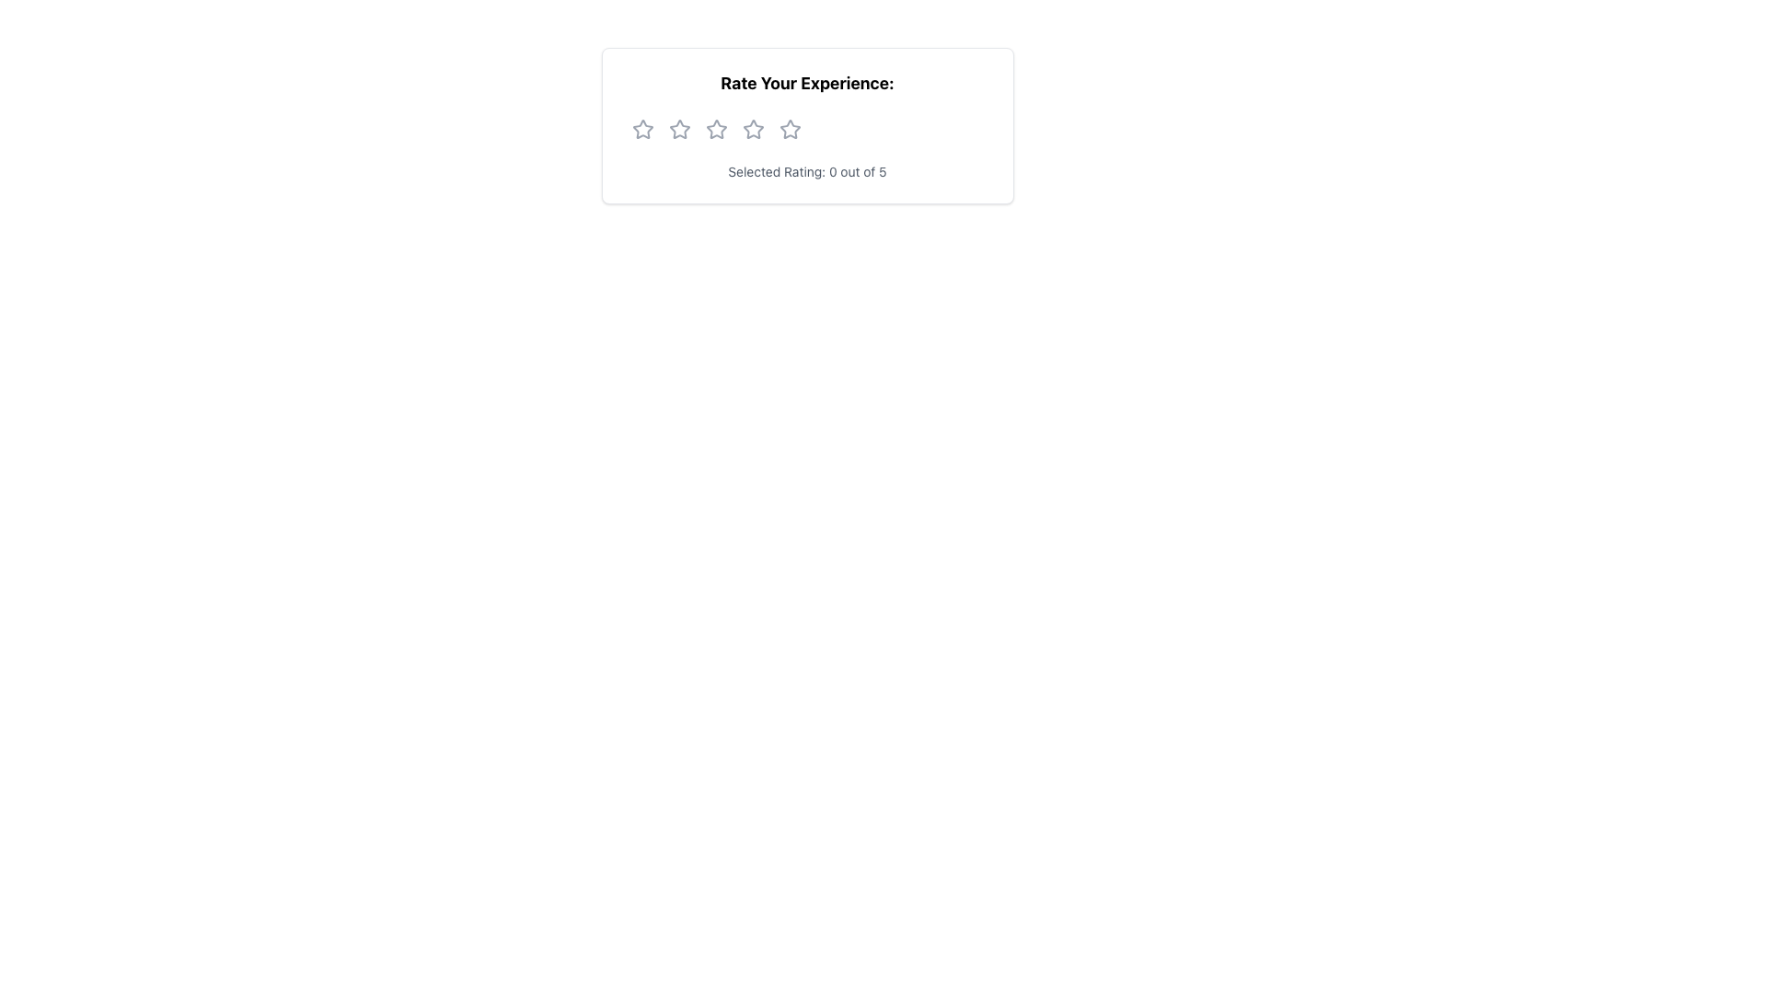  I want to click on the second star icon in the 'Rate Your Experience' card, so click(715, 128).